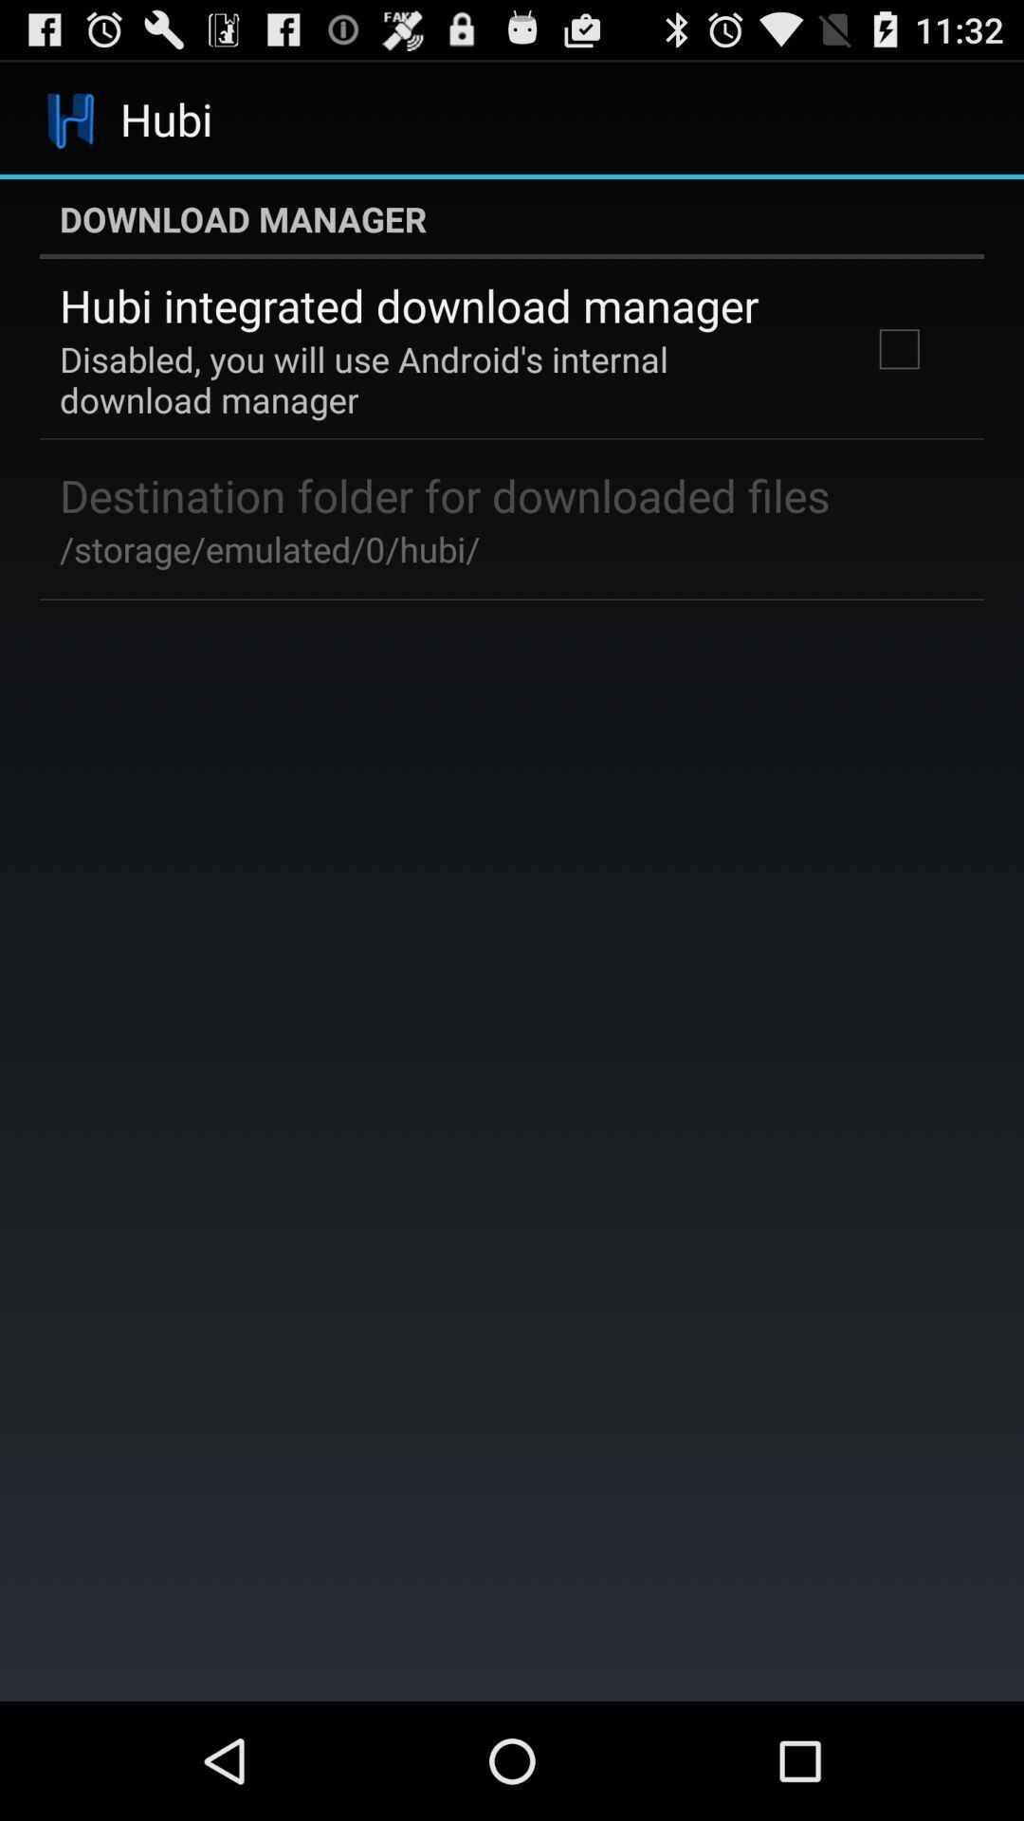 The width and height of the screenshot is (1024, 1821). I want to click on destination folder for, so click(445, 495).